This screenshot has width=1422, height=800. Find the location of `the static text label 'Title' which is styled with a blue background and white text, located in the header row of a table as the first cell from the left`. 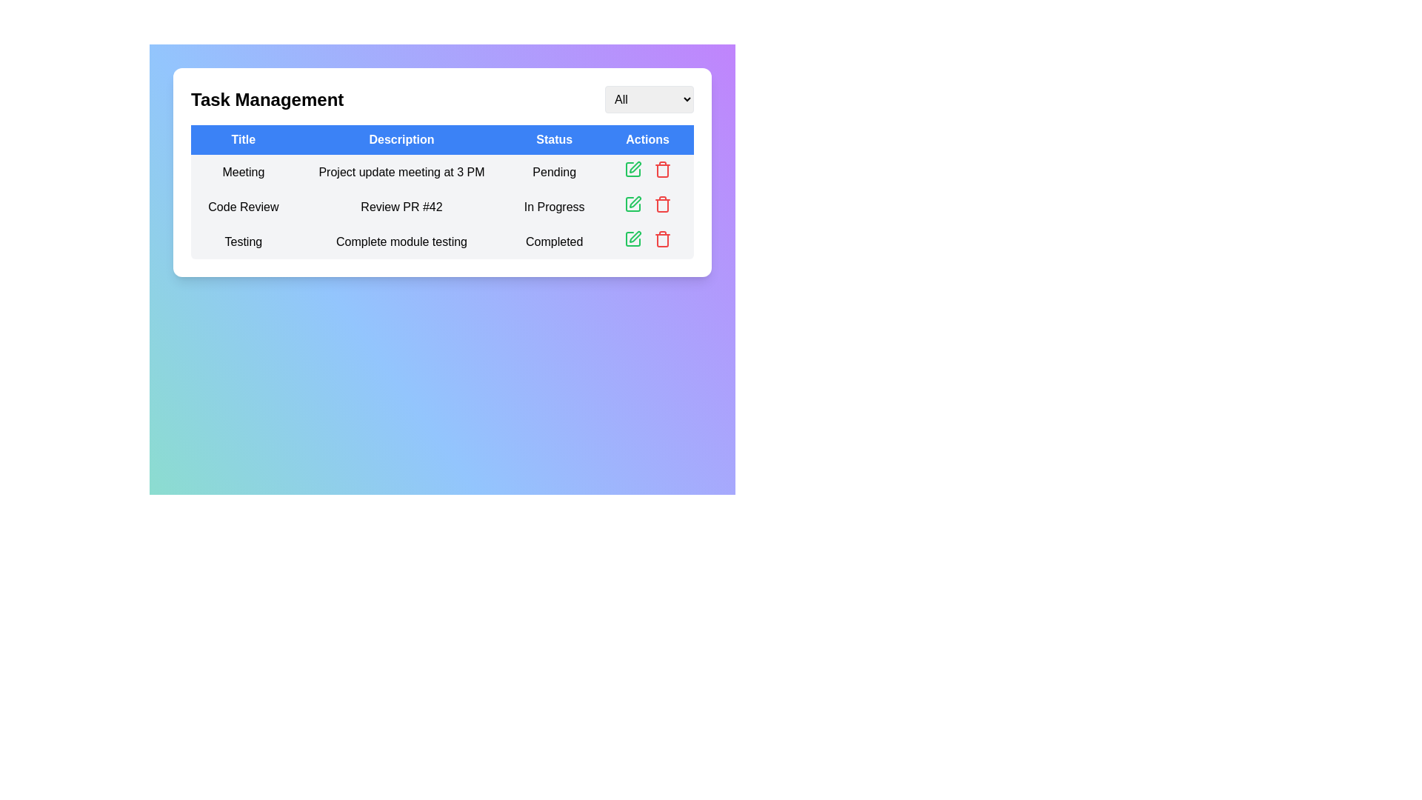

the static text label 'Title' which is styled with a blue background and white text, located in the header row of a table as the first cell from the left is located at coordinates (243, 140).